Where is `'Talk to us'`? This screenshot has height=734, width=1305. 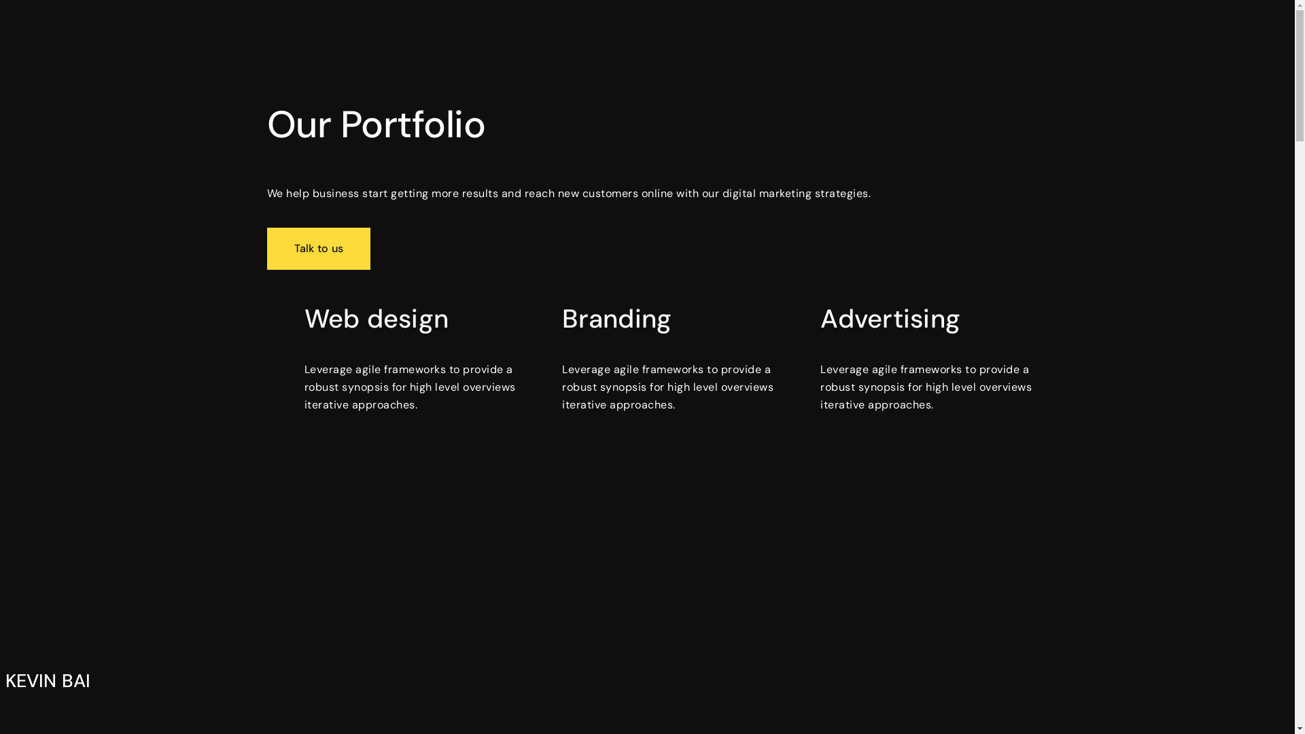 'Talk to us' is located at coordinates (266, 249).